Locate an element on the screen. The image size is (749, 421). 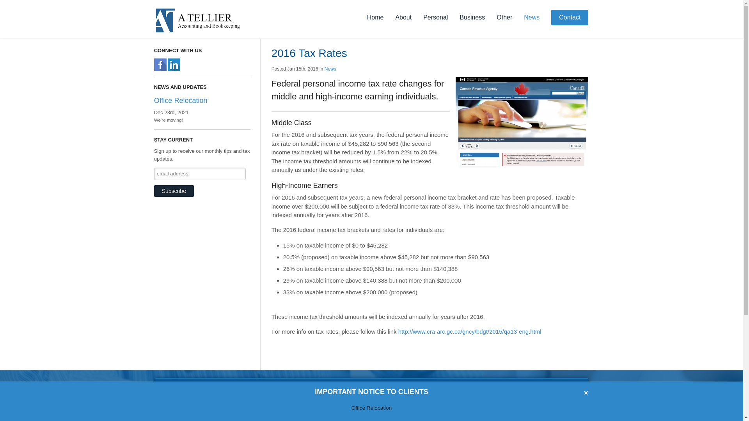
'http://www.cra-arc.gc.ca/gncy/bdgt/2015/qa13-eng.html' is located at coordinates (469, 331).